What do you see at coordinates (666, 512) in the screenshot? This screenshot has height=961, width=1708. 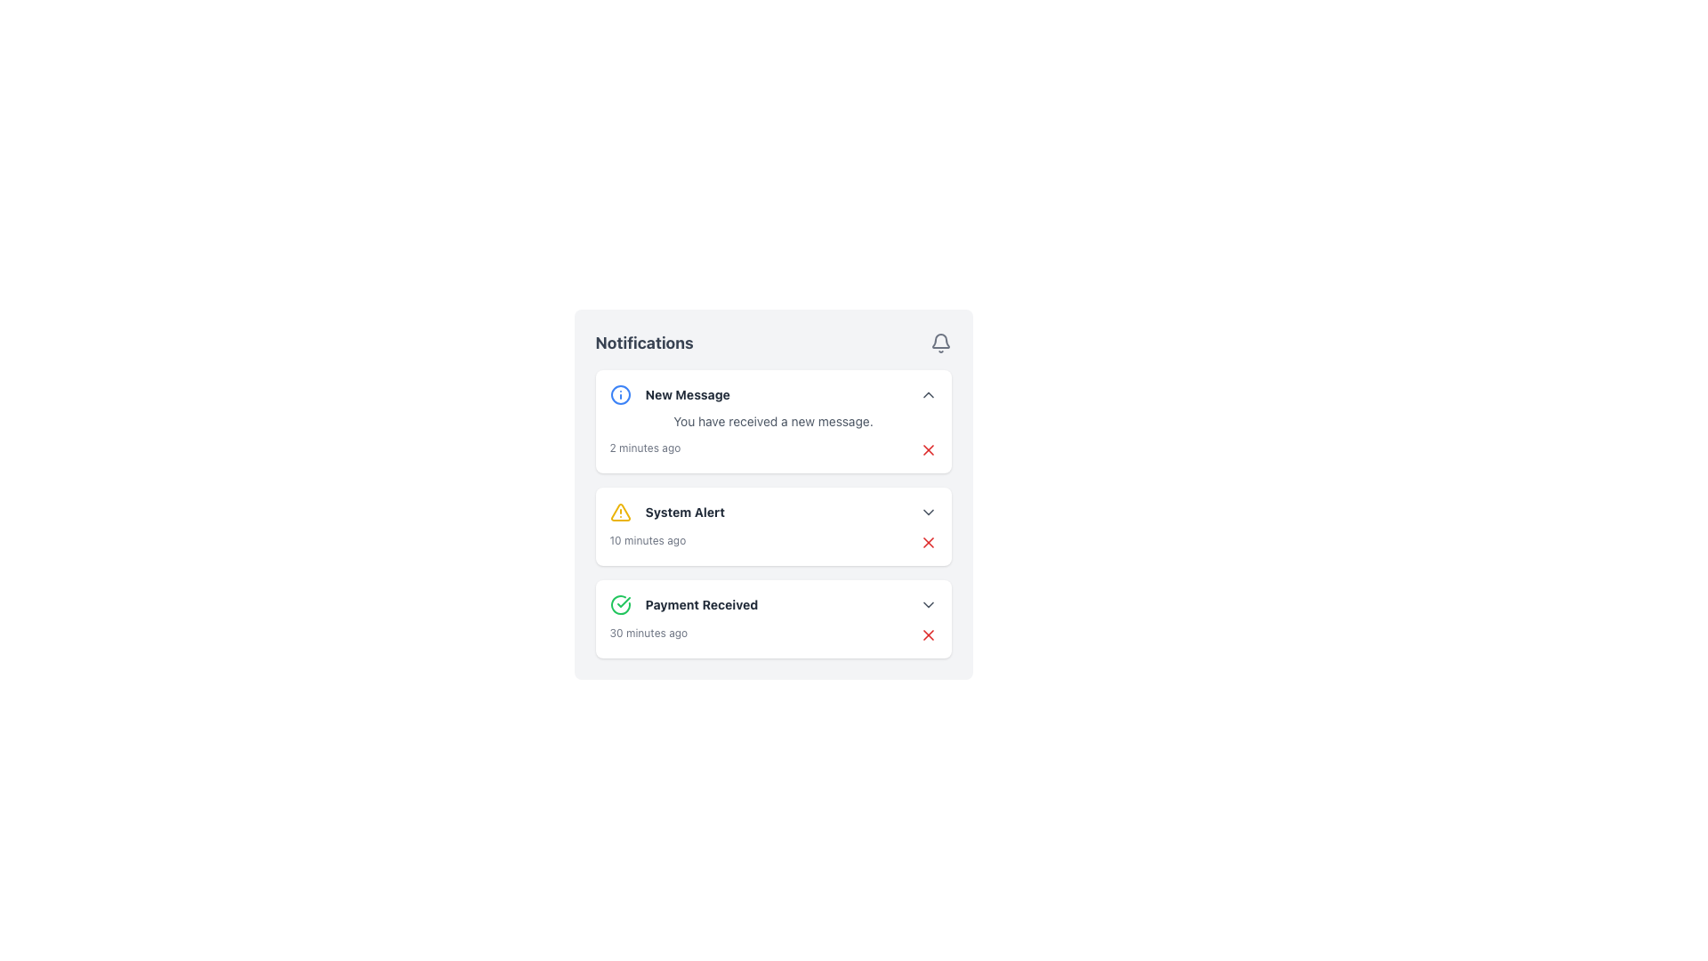 I see `the 'System Alert' notification, which features a bold text label and a yellow triangular alert icon` at bounding box center [666, 512].